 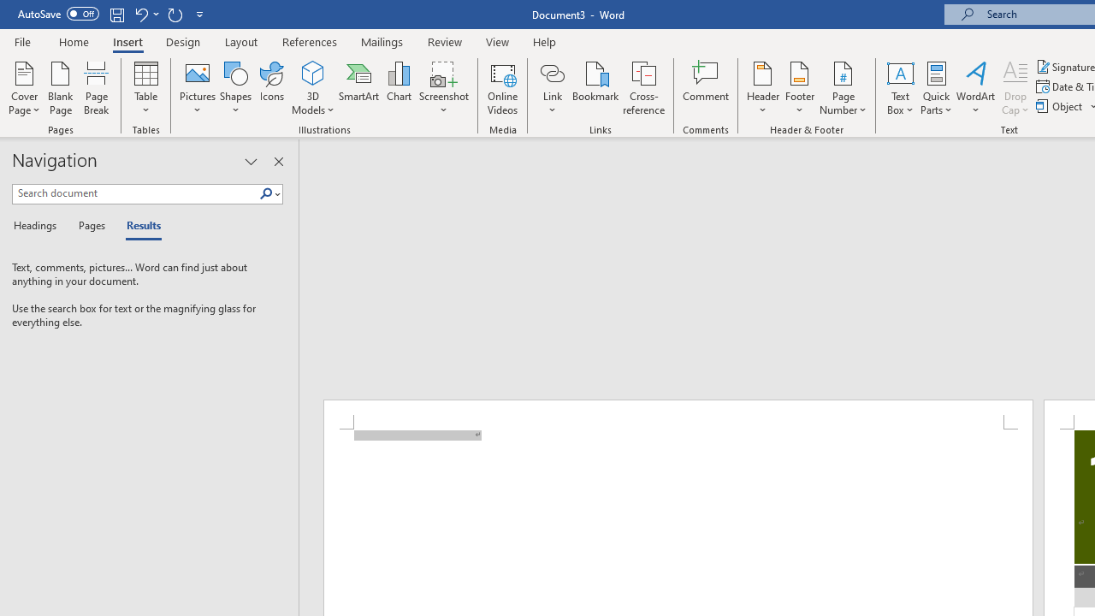 I want to click on 'Chart...', so click(x=398, y=88).